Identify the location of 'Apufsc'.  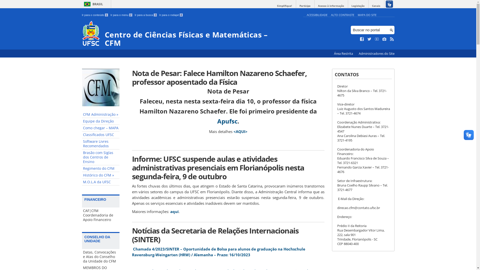
(227, 121).